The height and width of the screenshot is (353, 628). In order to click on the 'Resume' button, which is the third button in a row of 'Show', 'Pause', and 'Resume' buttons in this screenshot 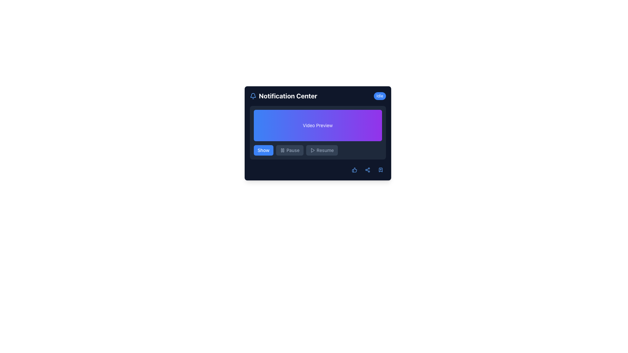, I will do `click(322, 150)`.